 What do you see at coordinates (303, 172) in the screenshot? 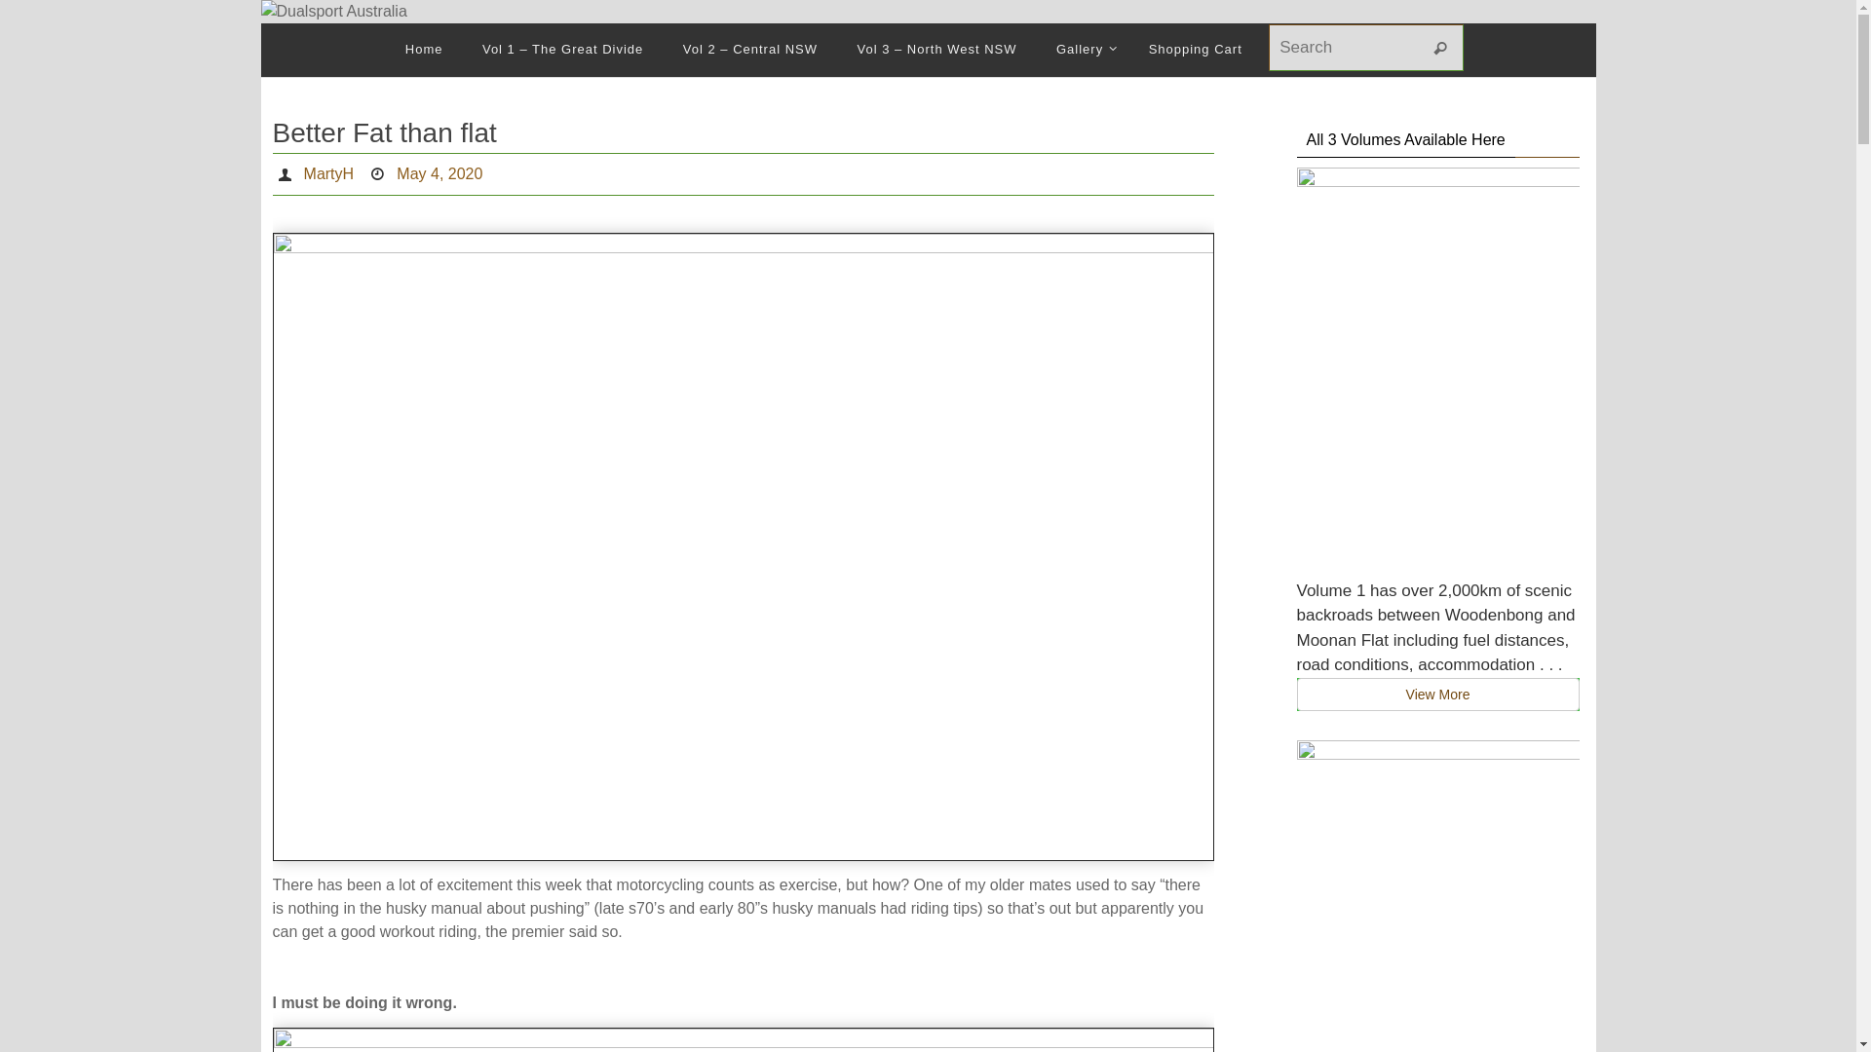
I see `'MartyH'` at bounding box center [303, 172].